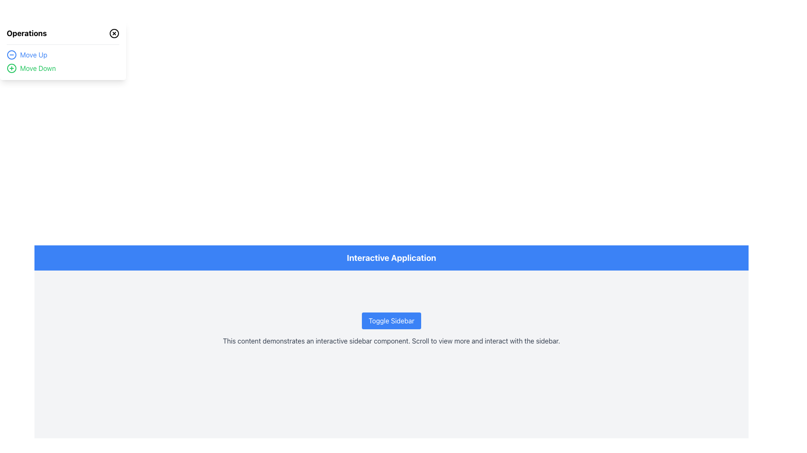 The height and width of the screenshot is (453, 807). What do you see at coordinates (12, 55) in the screenshot?
I see `the minus icon located to the left of the 'Move Up' text in the Operations panel` at bounding box center [12, 55].